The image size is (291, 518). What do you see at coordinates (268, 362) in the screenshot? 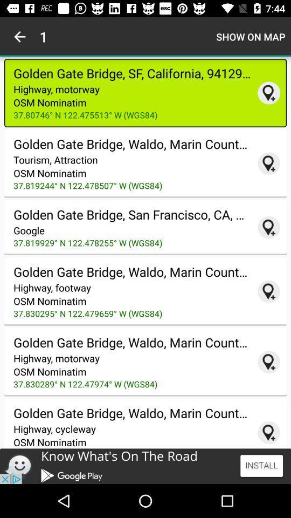
I see `edit this location` at bounding box center [268, 362].